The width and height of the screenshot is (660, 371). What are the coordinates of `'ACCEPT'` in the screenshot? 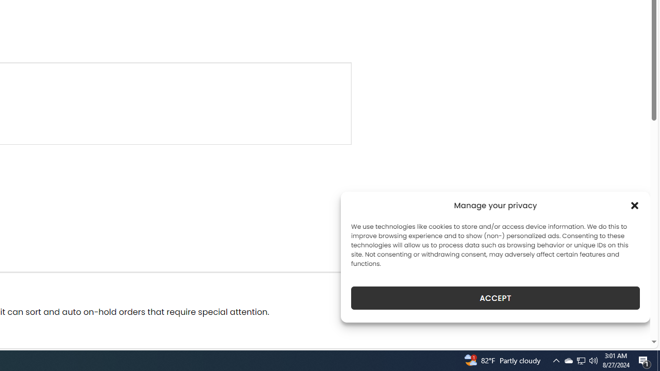 It's located at (496, 298).